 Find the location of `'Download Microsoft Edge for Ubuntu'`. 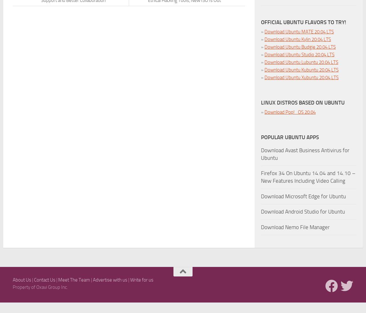

'Download Microsoft Edge for Ubuntu' is located at coordinates (260, 196).